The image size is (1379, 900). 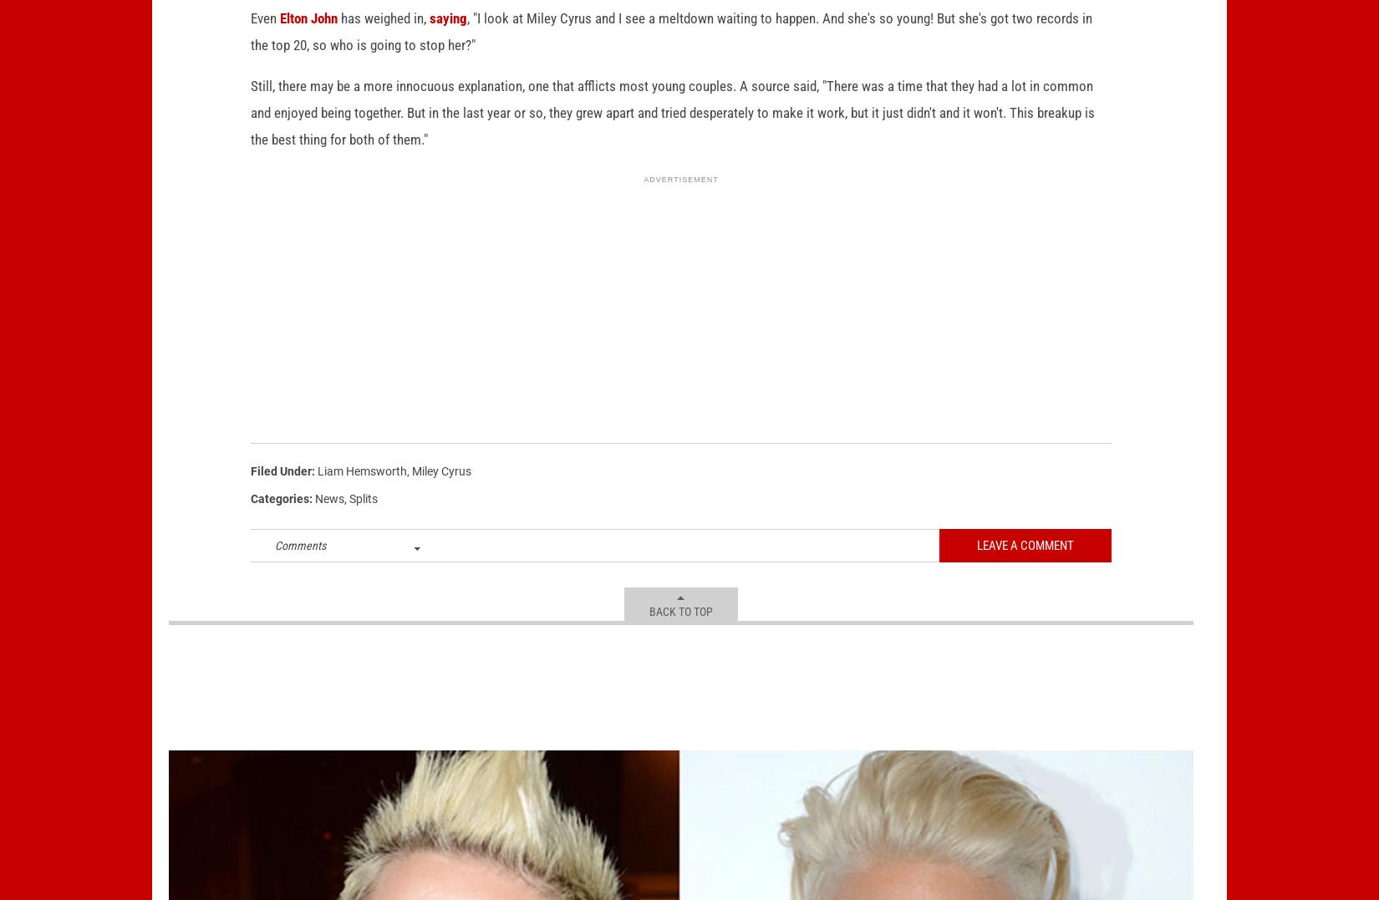 I want to click on 'Elton John', so click(x=308, y=44).